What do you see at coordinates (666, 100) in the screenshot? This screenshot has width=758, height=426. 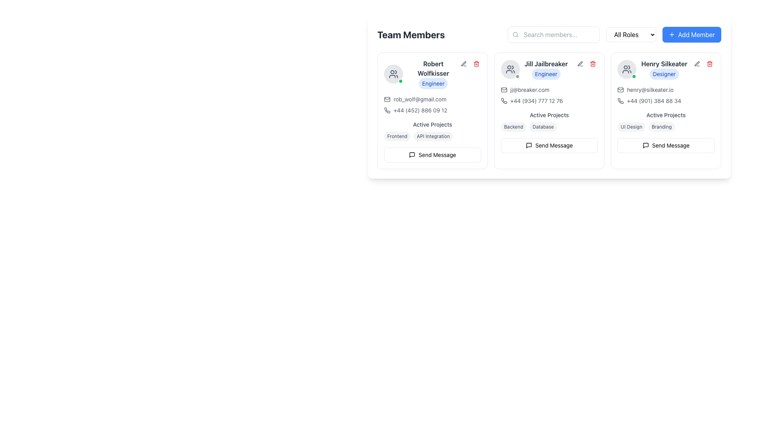 I see `the phone number display of user 'Henry Silkeater'` at bounding box center [666, 100].